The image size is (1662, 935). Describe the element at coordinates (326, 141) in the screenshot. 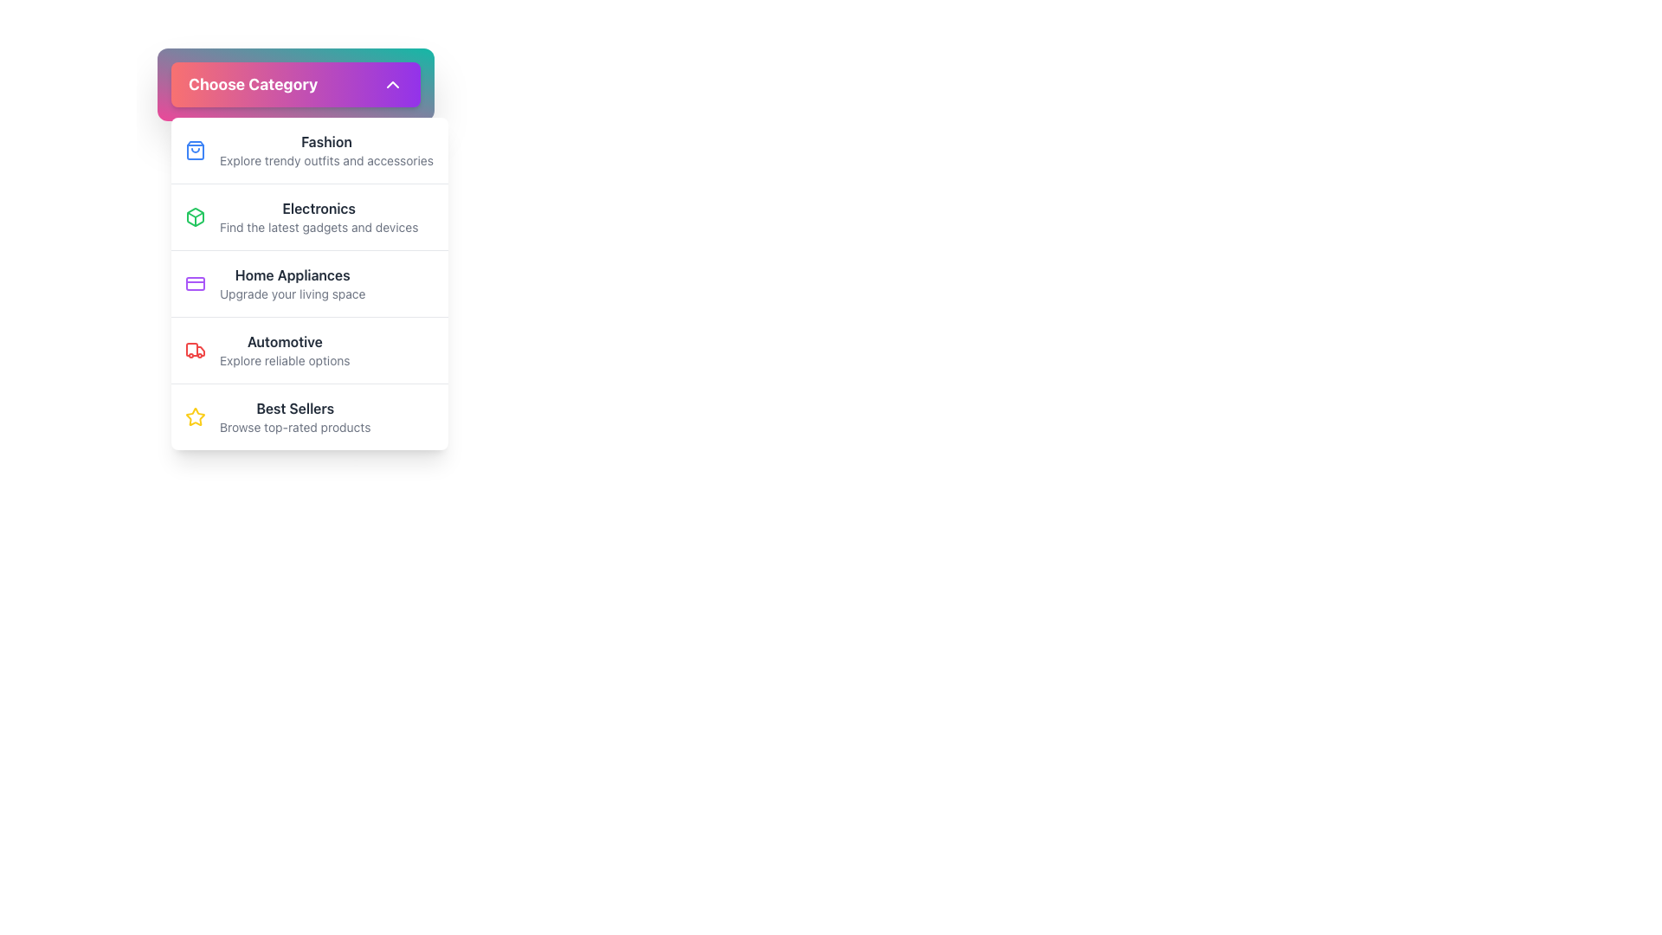

I see `the 'Fashion' category label in the dropdown menu` at that location.